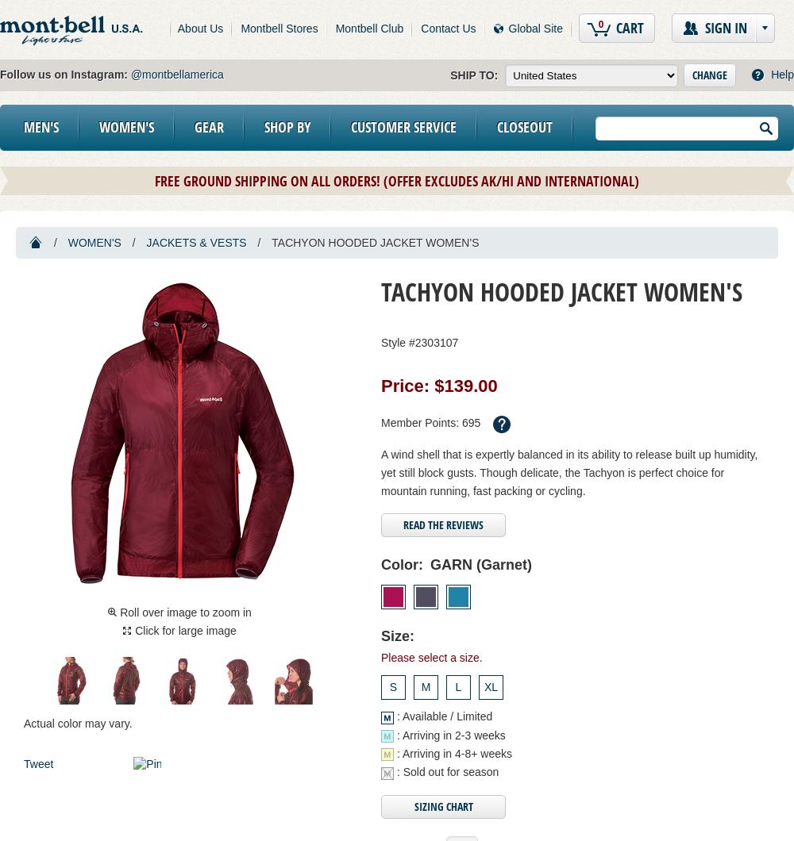  Describe the element at coordinates (175, 75) in the screenshot. I see `'@montbellamerica'` at that location.